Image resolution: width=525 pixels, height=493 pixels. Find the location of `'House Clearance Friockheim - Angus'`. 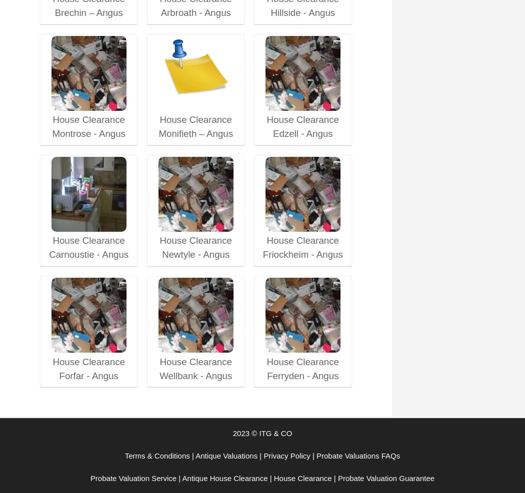

'House Clearance Friockheim - Angus' is located at coordinates (302, 247).